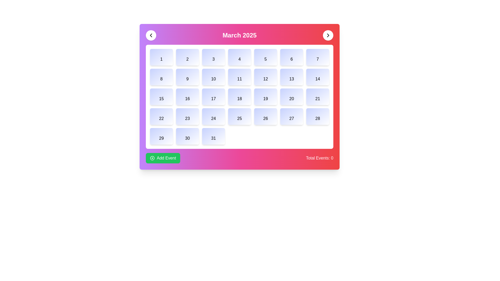  What do you see at coordinates (151, 35) in the screenshot?
I see `the SVG chevron-left icon within the circular button located in the top-left corner of the calendar interface to navigate to the previous month` at bounding box center [151, 35].